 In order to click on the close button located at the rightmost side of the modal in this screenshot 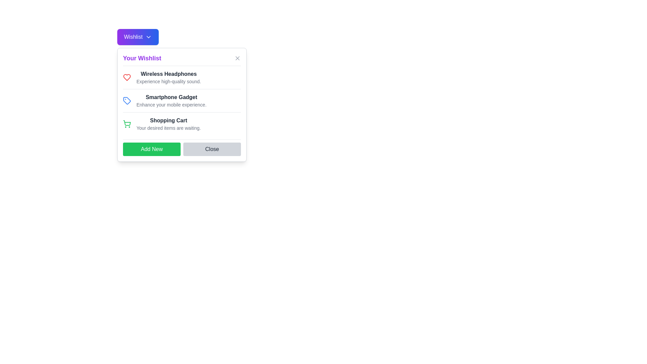, I will do `click(212, 149)`.